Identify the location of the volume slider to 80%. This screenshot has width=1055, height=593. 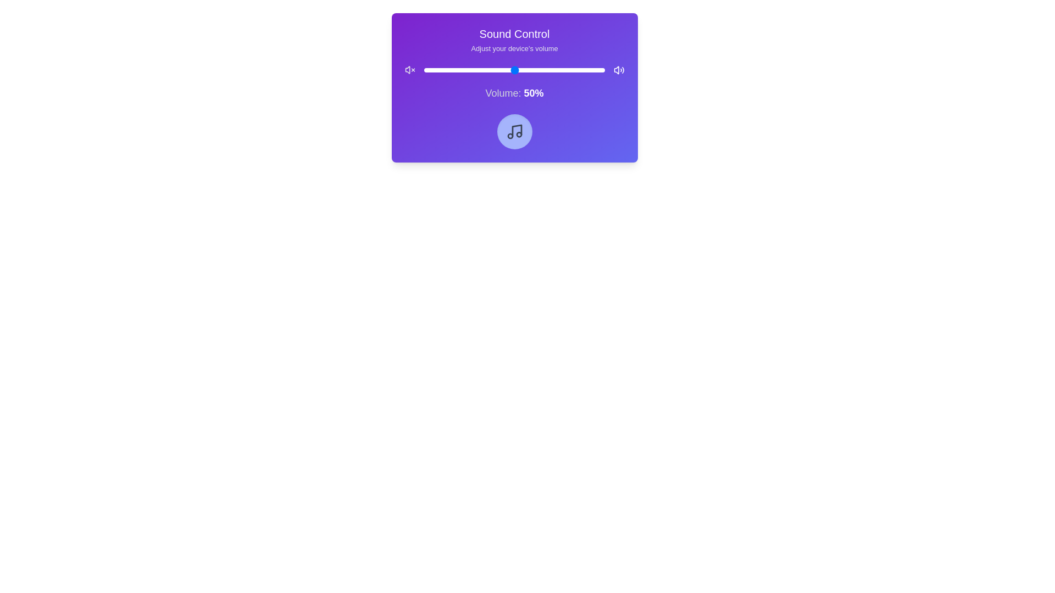
(569, 70).